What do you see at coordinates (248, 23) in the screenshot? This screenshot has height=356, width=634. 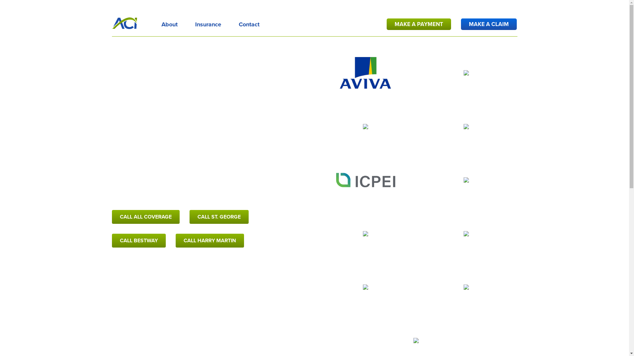 I see `'Contact'` at bounding box center [248, 23].